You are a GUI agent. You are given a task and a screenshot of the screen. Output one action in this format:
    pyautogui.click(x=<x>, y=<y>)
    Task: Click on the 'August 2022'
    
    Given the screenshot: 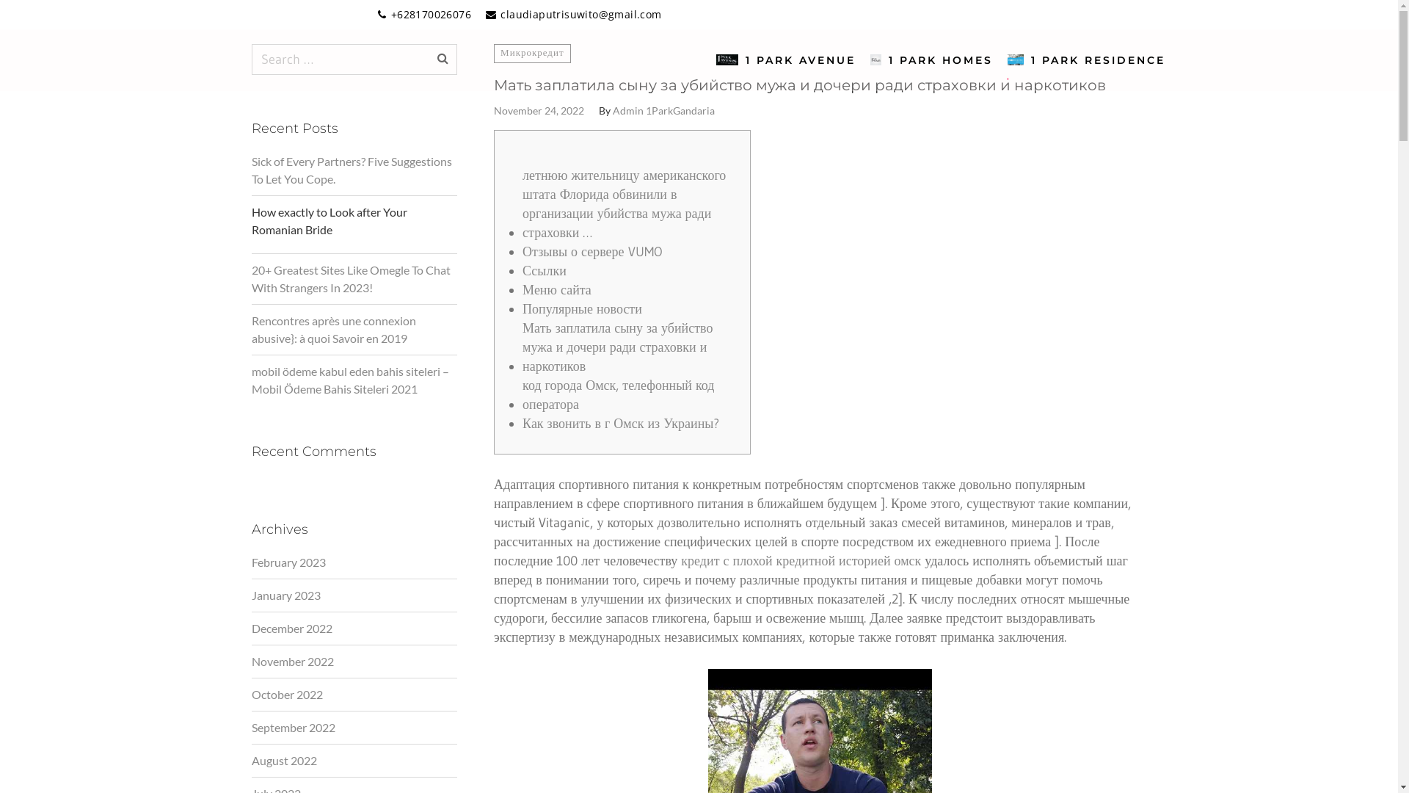 What is the action you would take?
    pyautogui.click(x=283, y=760)
    